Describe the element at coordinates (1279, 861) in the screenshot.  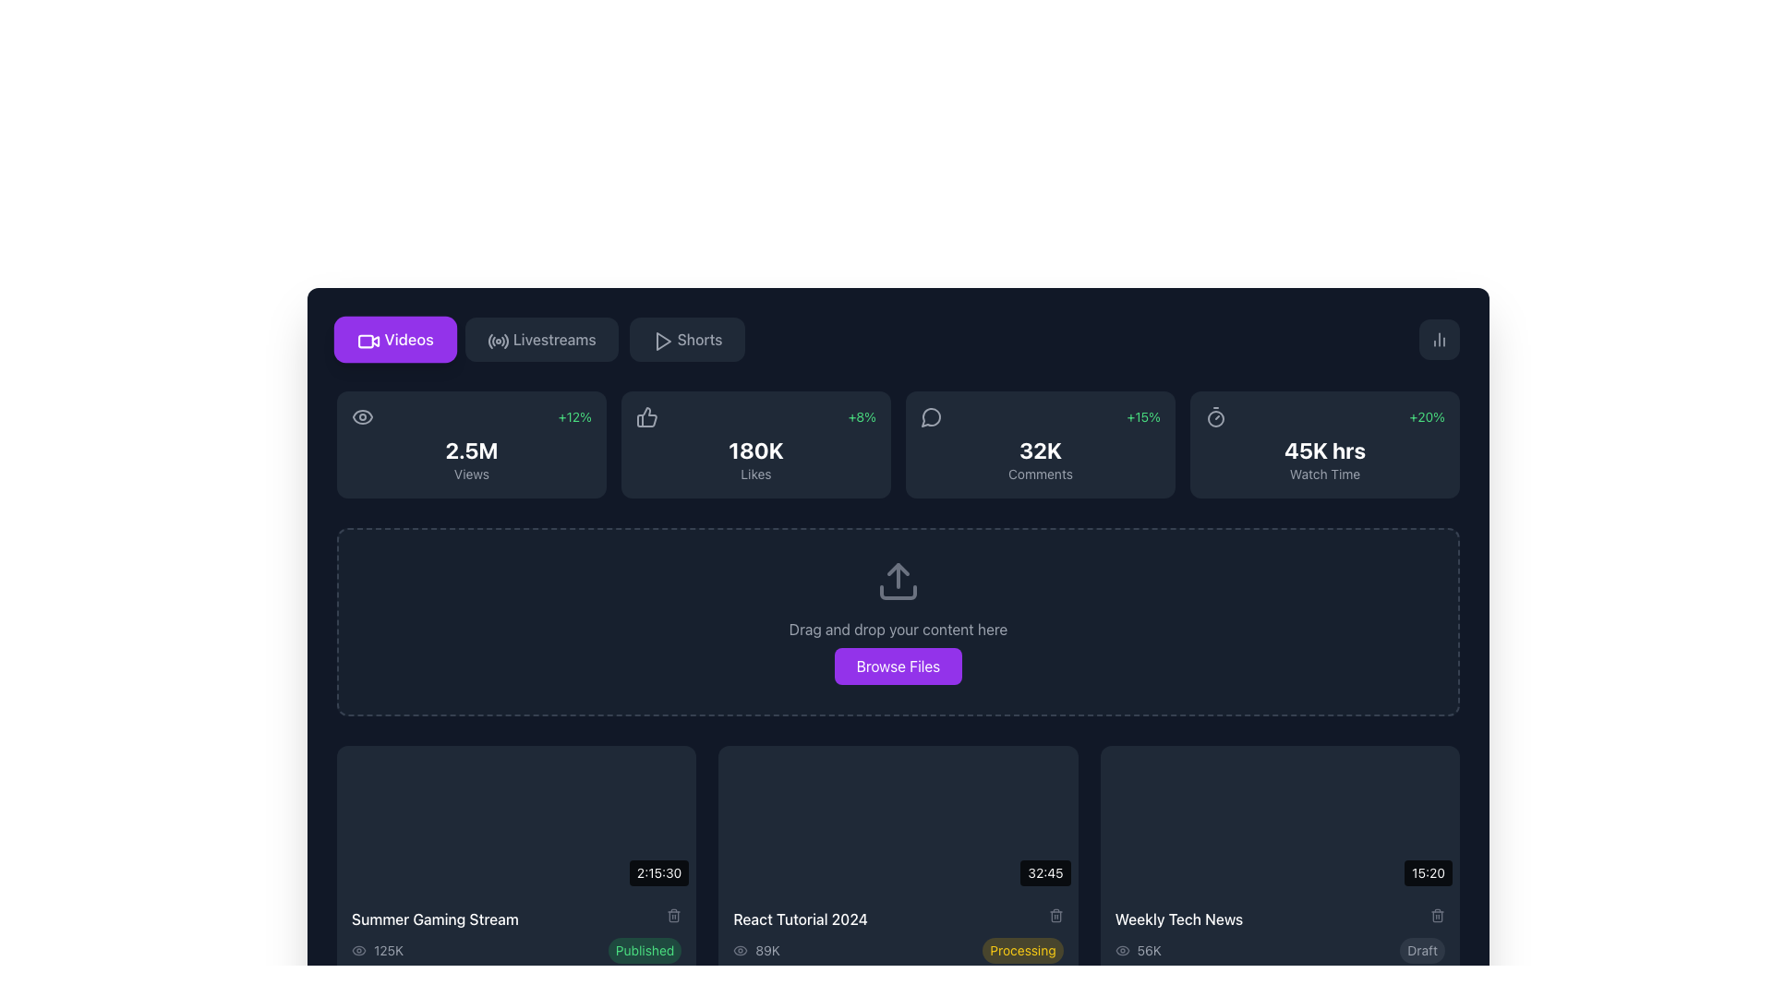
I see `the media content card titled 'Weekly Tech News' located in the bottom-right corner of the viewable section` at that location.